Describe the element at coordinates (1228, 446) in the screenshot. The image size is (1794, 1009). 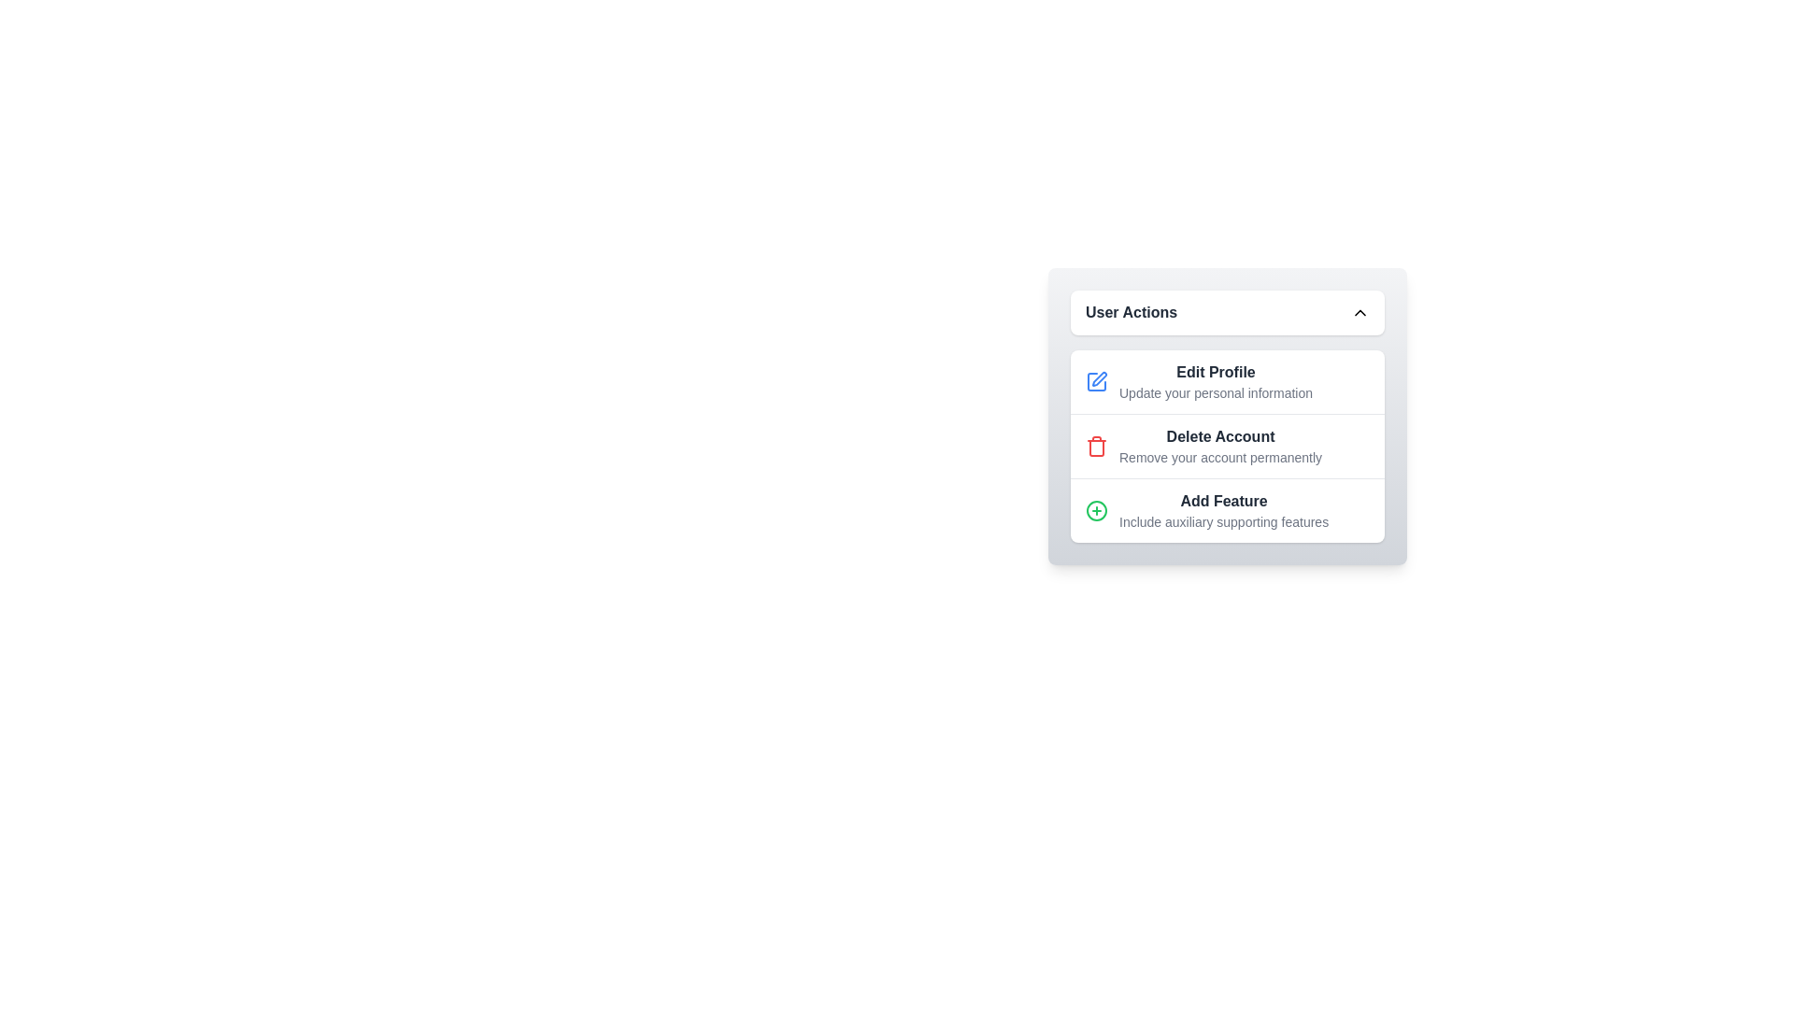
I see `the second row of the action items which represents the delete user account option, positioned between 'Edit Profile' and 'Add Feature'` at that location.